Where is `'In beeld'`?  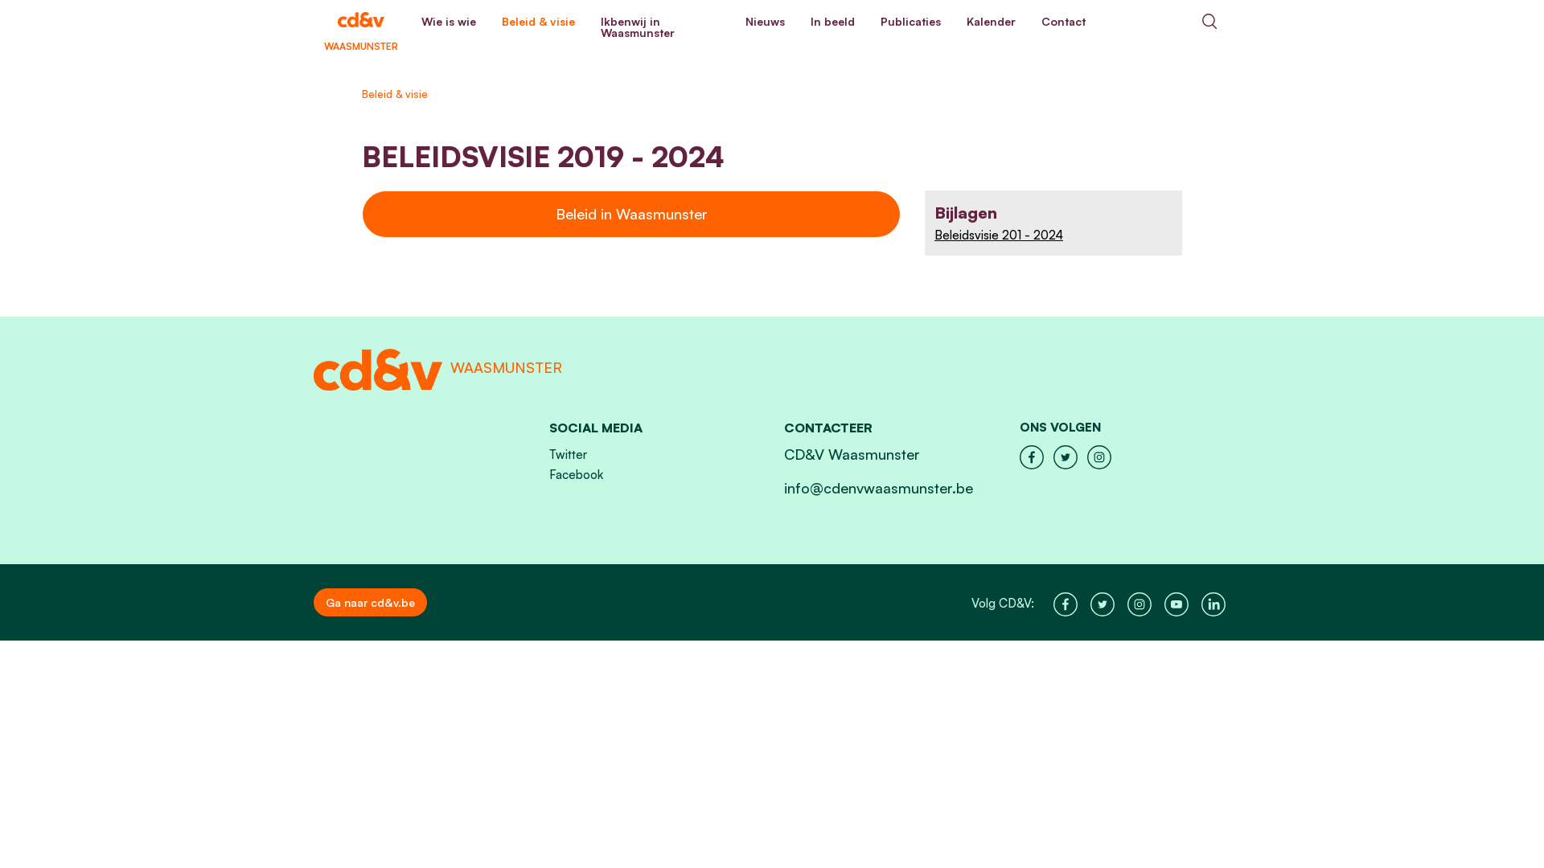 'In beeld' is located at coordinates (832, 22).